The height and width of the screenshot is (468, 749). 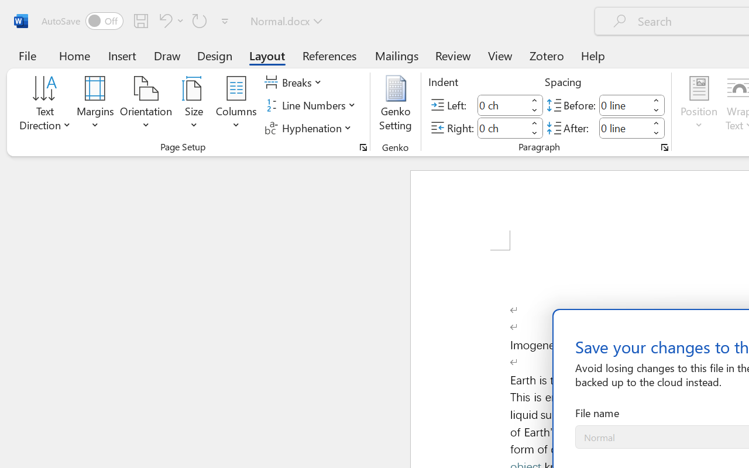 I want to click on 'Columns', so click(x=236, y=105).